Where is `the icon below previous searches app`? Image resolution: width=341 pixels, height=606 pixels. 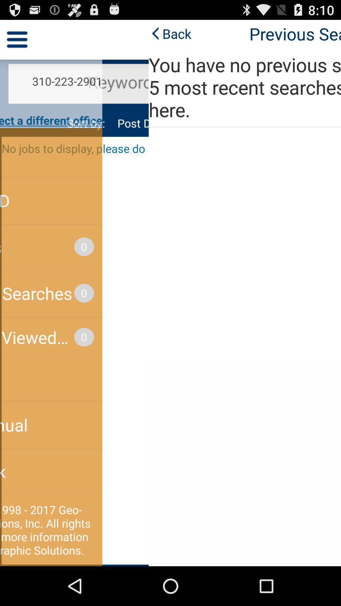
the icon below previous searches app is located at coordinates (170, 87).